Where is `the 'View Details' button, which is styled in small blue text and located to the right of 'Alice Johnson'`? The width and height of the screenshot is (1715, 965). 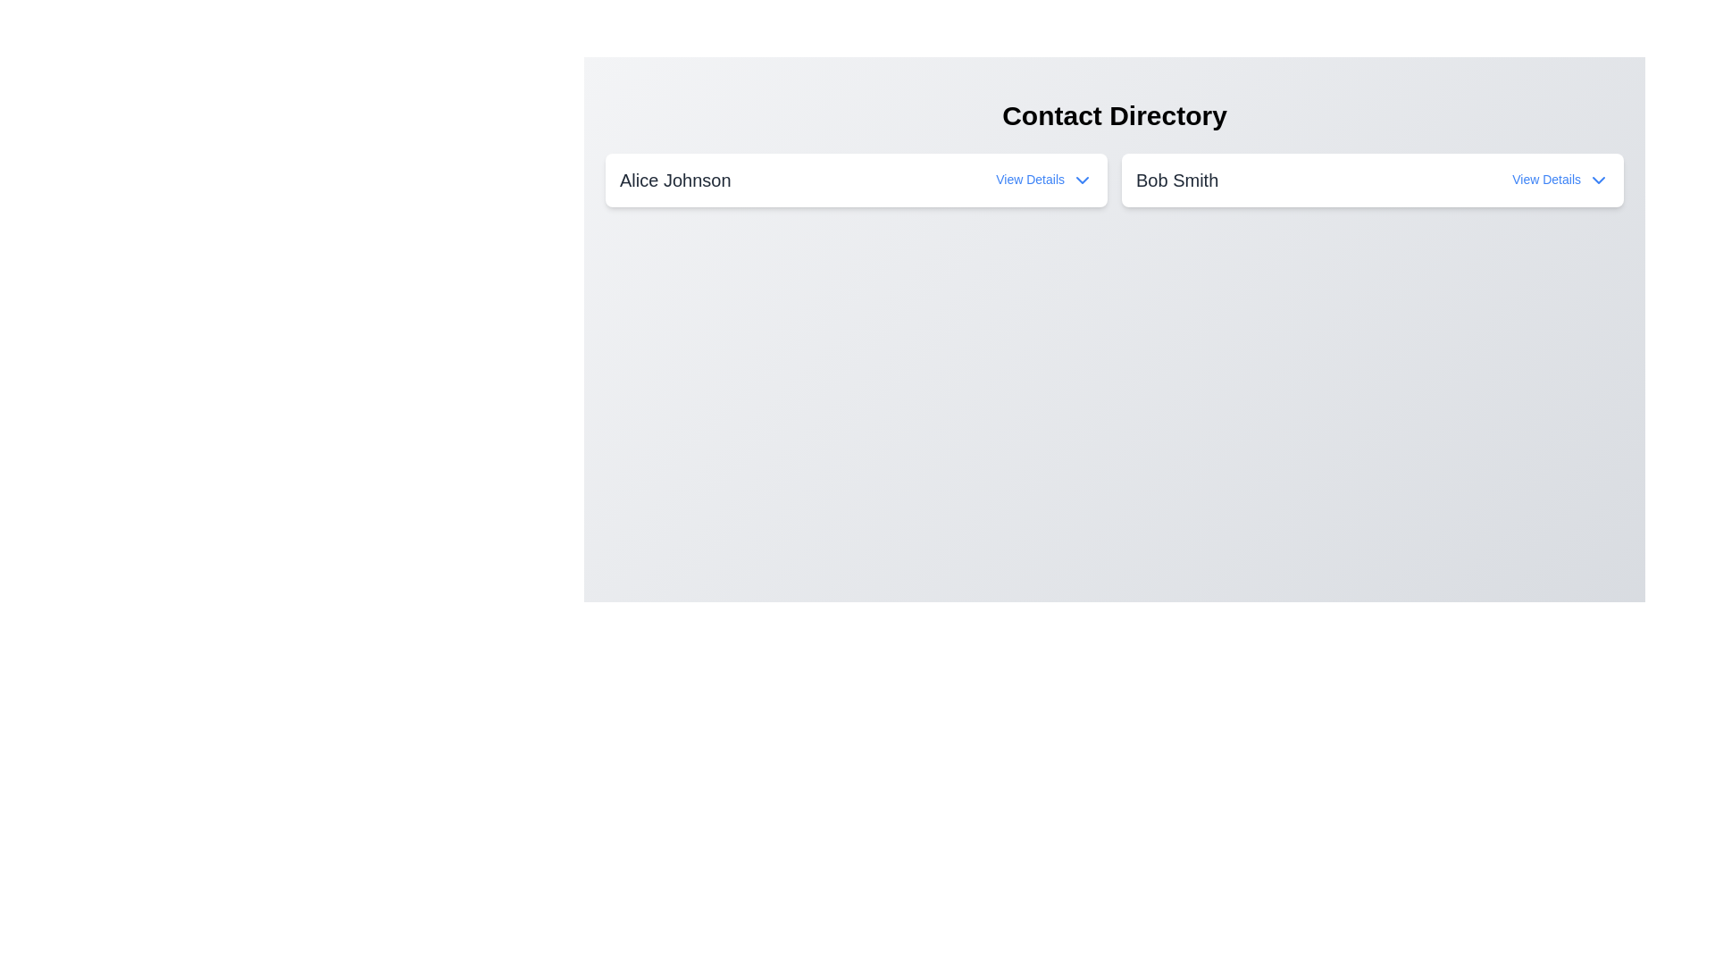 the 'View Details' button, which is styled in small blue text and located to the right of 'Alice Johnson' is located at coordinates (1044, 180).